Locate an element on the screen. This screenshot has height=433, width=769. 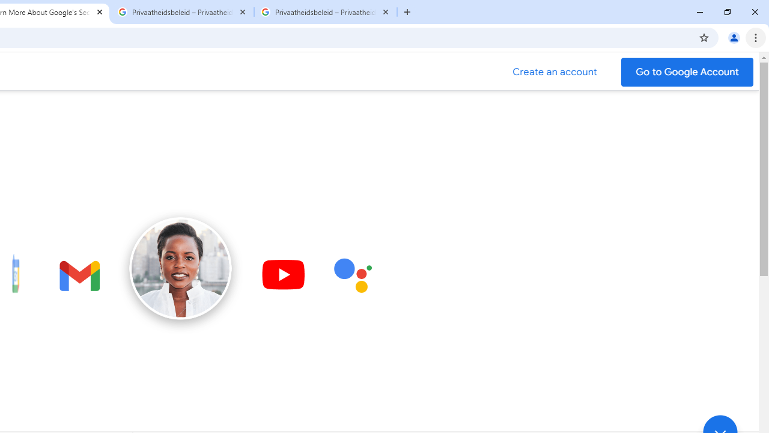
'New Tab' is located at coordinates (407, 12).